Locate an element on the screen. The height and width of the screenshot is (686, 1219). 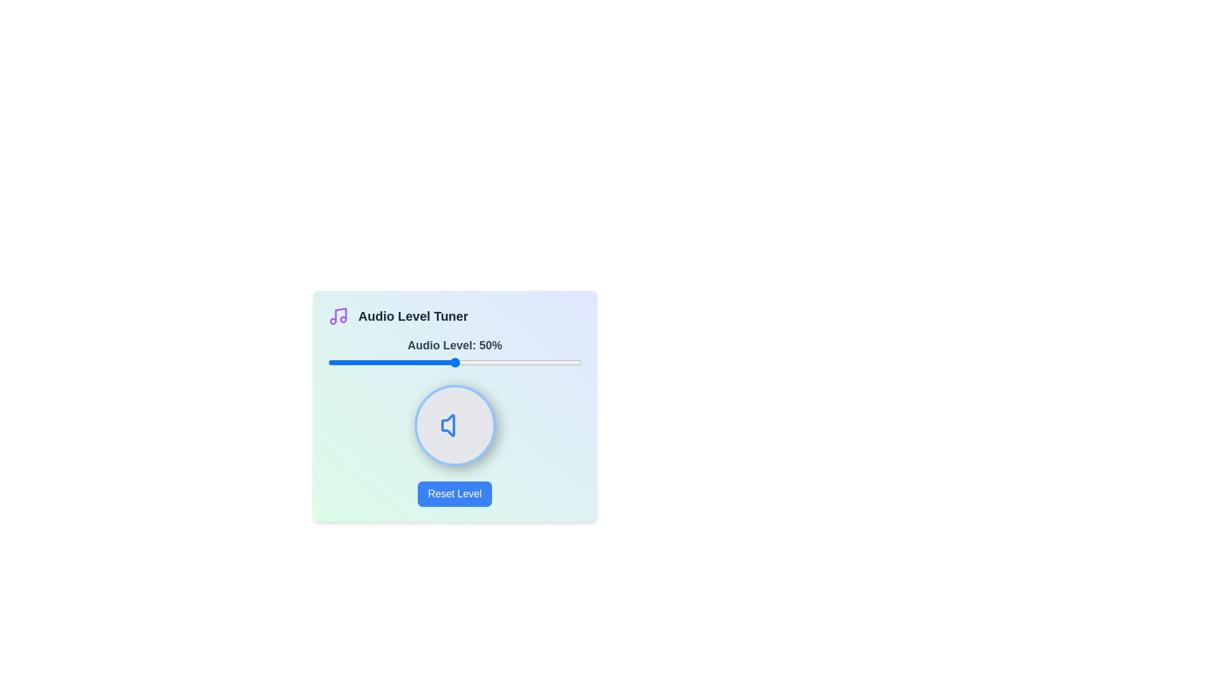
the audio level to 17% by dragging the slider is located at coordinates (370, 362).